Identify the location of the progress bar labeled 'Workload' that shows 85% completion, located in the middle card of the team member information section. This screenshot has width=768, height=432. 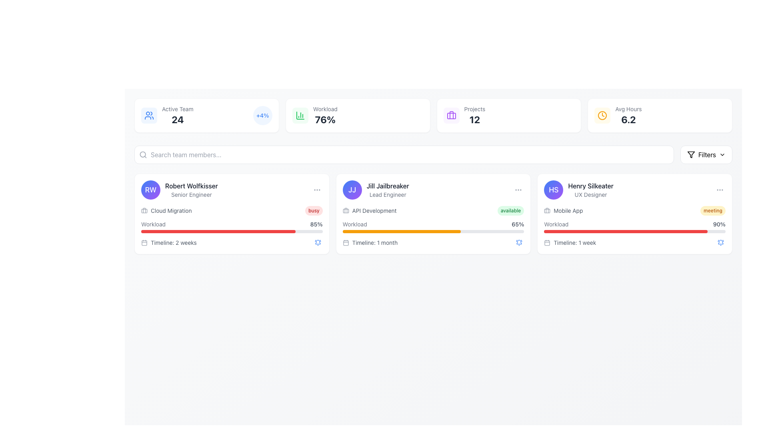
(231, 231).